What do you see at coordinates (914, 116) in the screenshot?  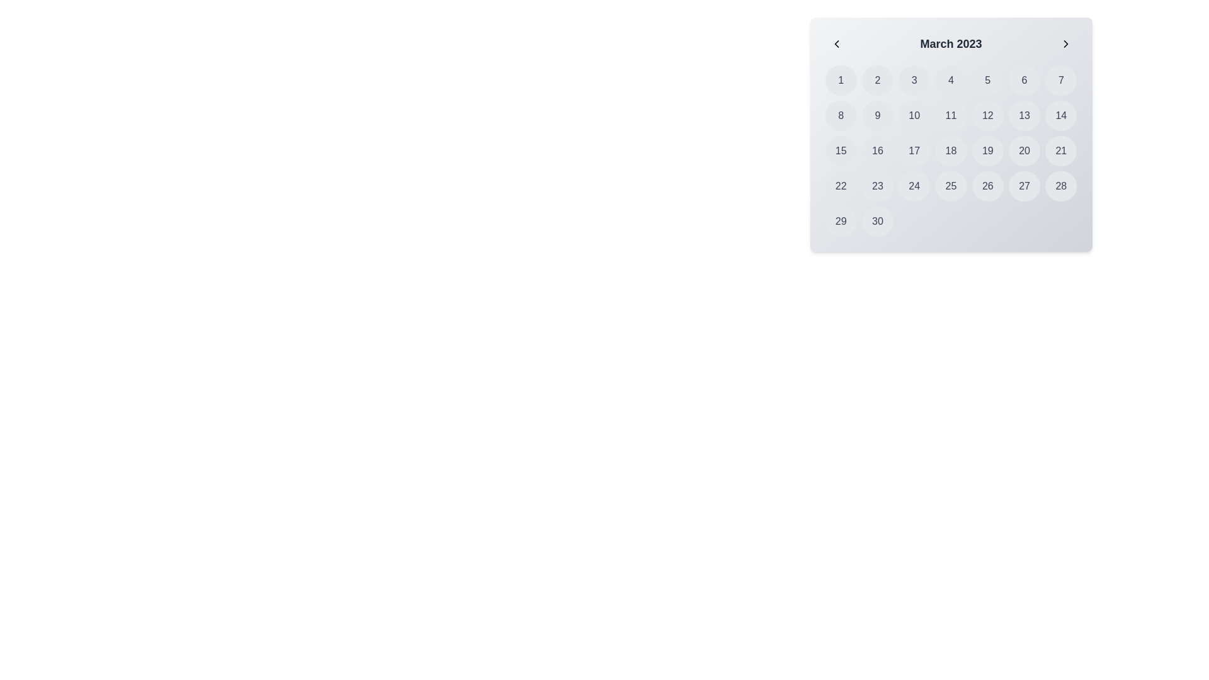 I see `the button representing the date '10' in the March 2023 calendar` at bounding box center [914, 116].